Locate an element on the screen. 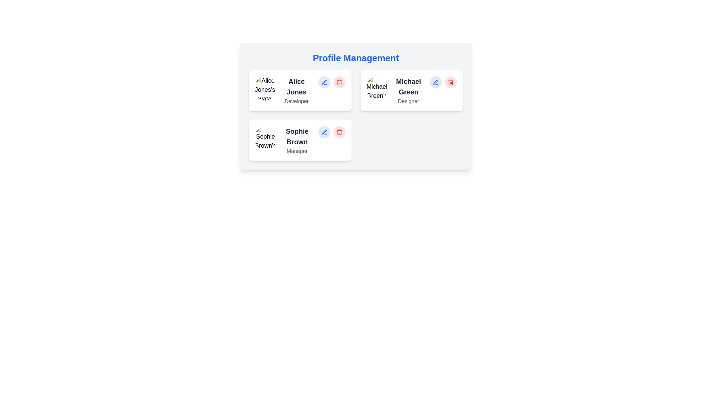 This screenshot has height=408, width=725. the circular red button with a trash bin icon located in the bottom-right section of the 'Sophie Brown Manager' card to change its background color is located at coordinates (339, 132).